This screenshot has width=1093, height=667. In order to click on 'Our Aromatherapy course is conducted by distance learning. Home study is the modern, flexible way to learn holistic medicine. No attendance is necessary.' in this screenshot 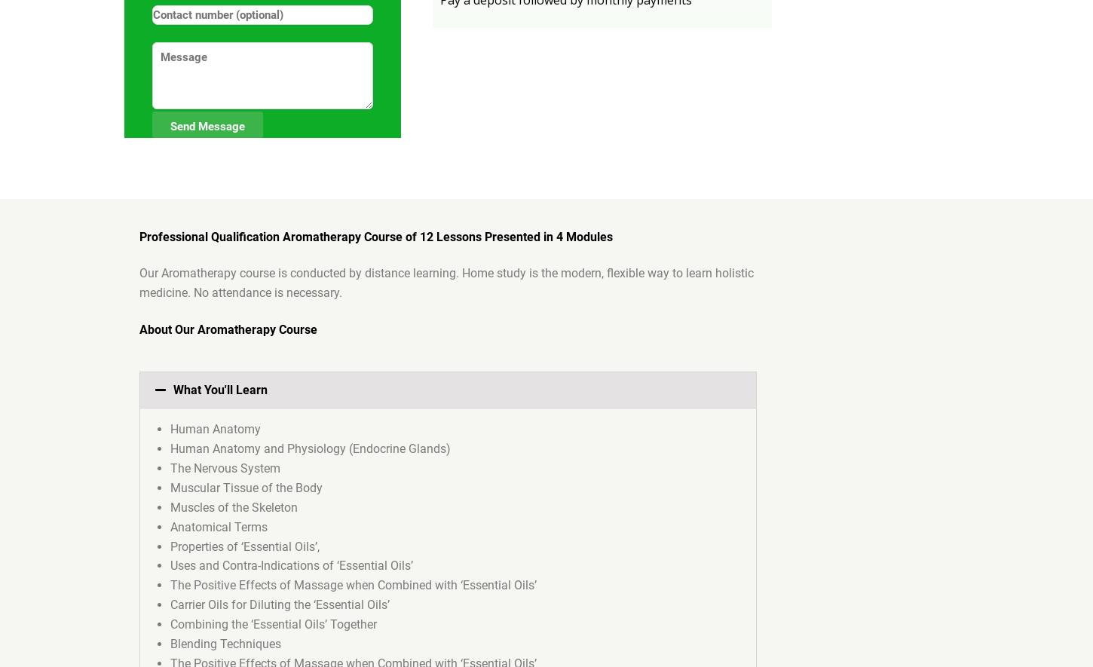, I will do `click(446, 282)`.